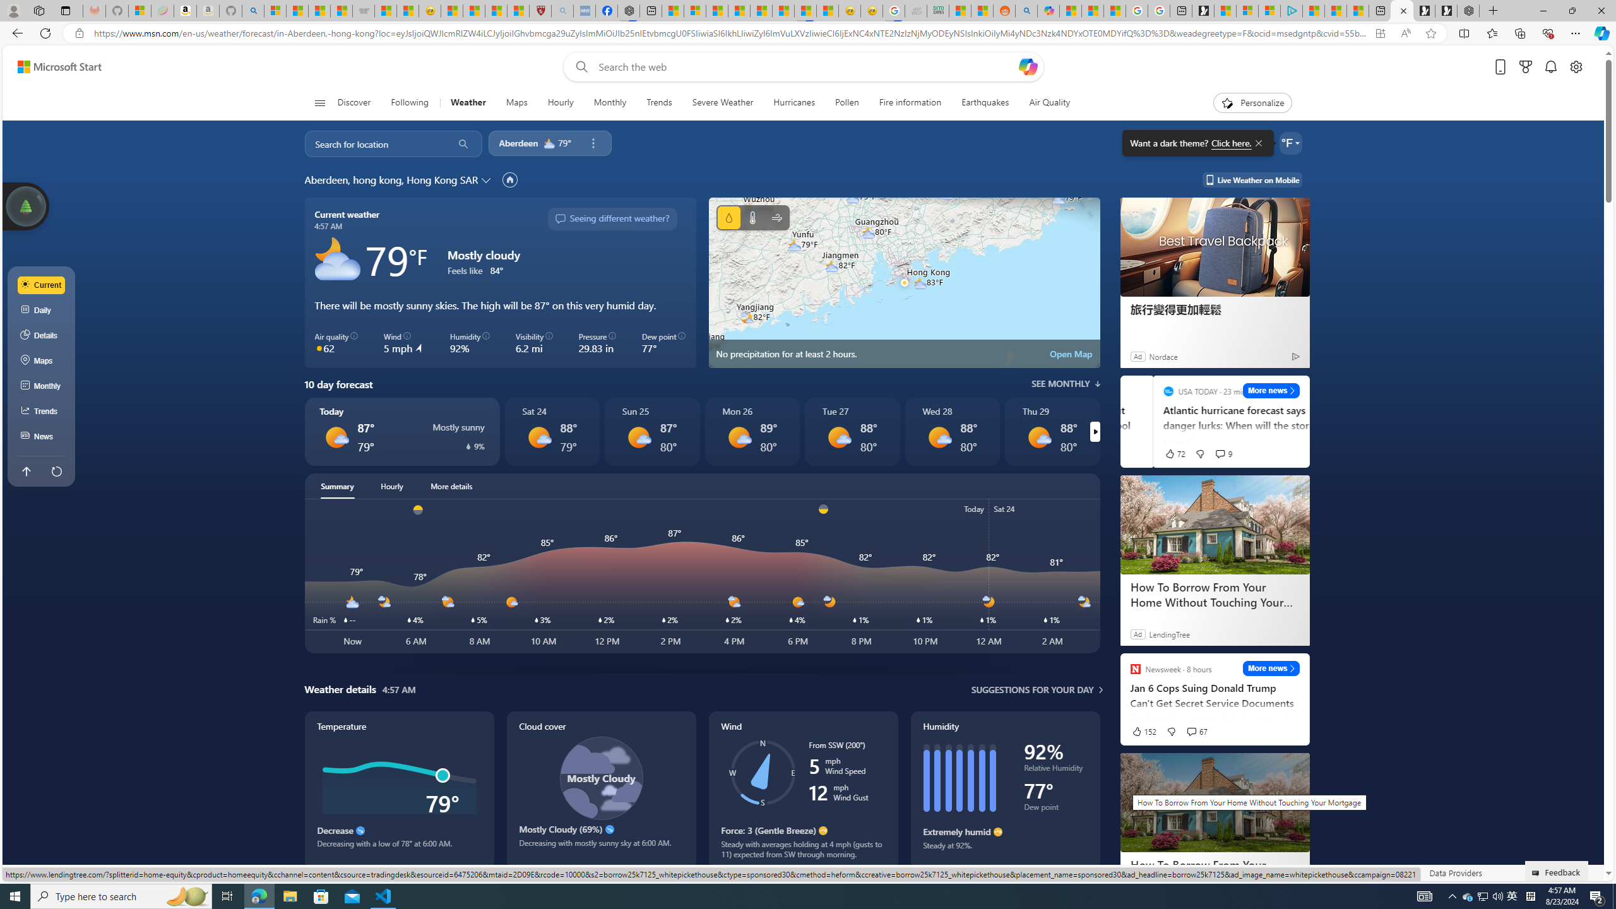 The height and width of the screenshot is (909, 1616). I want to click on 'Class: cloudCoverSvg-DS-ps0R9q', so click(600, 778).